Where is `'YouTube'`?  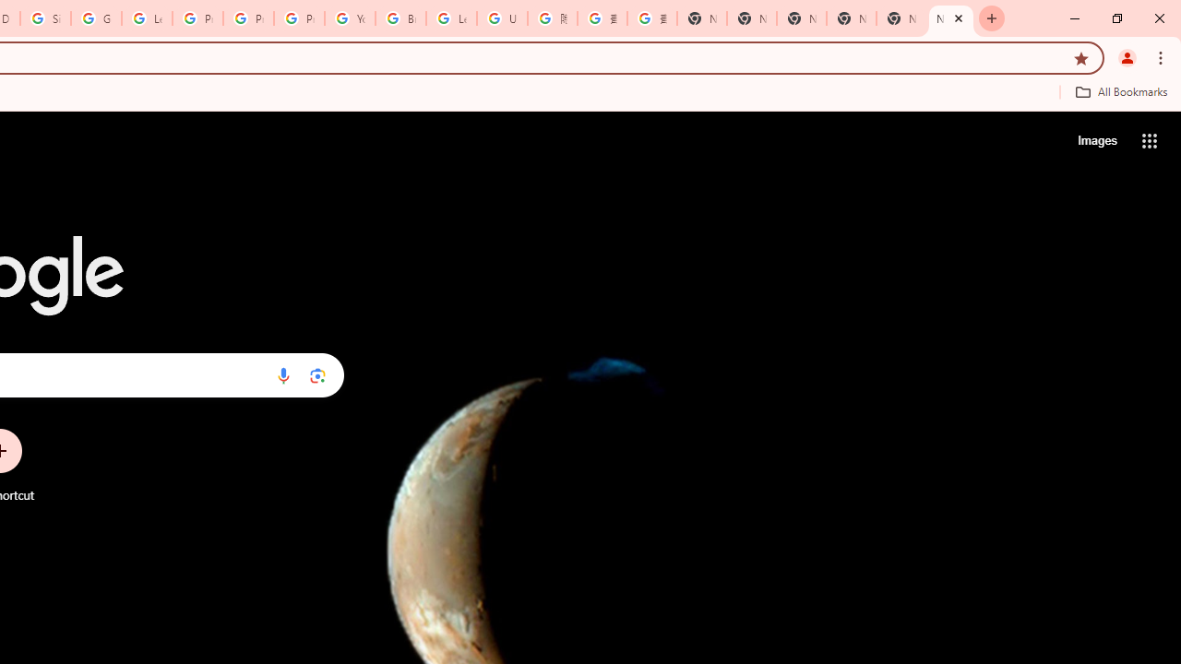
'YouTube' is located at coordinates (350, 18).